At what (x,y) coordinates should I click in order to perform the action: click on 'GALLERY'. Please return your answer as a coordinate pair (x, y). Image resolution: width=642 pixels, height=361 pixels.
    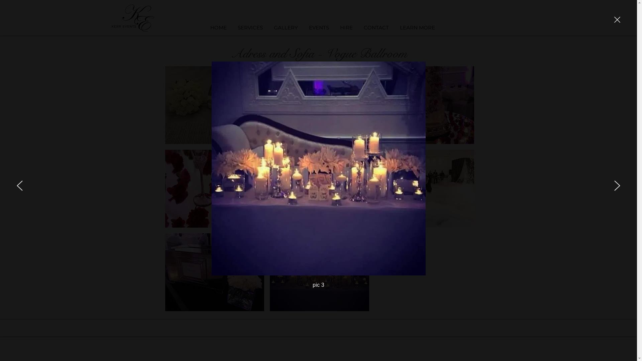
    Looking at the image, I should click on (268, 27).